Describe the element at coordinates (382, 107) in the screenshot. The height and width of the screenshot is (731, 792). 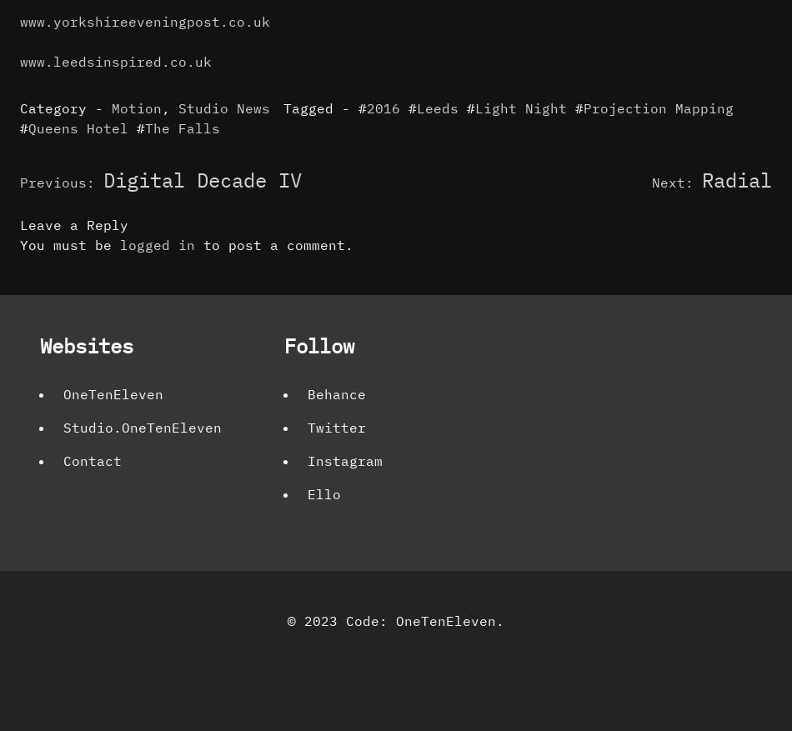
I see `'2016'` at that location.